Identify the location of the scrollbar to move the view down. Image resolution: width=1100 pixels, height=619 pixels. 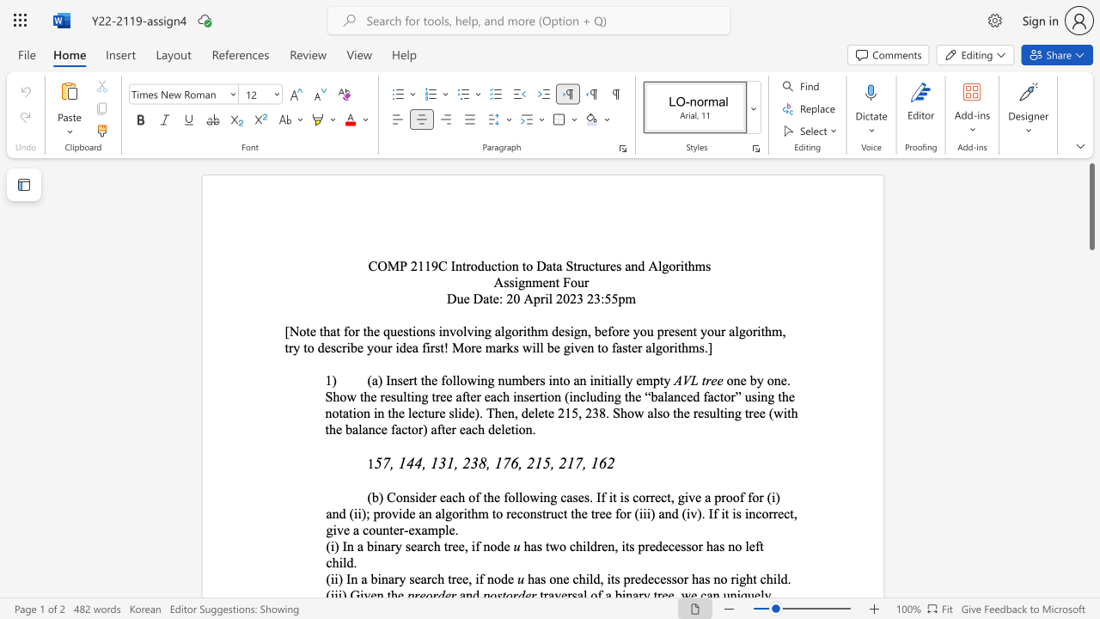
(1091, 445).